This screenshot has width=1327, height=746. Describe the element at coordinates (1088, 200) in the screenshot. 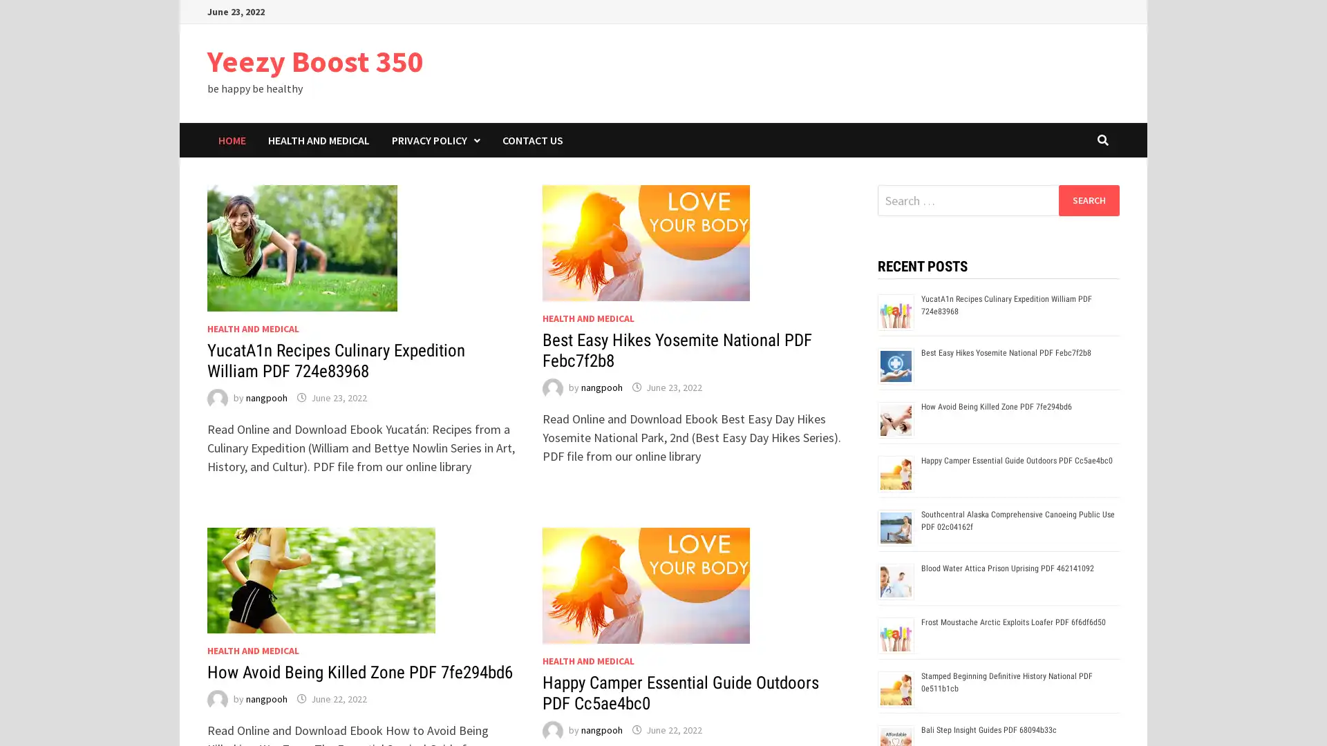

I see `Search` at that location.